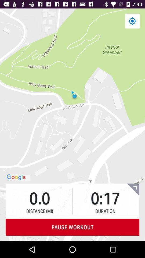 Image resolution: width=145 pixels, height=258 pixels. Describe the element at coordinates (132, 21) in the screenshot. I see `show location` at that location.